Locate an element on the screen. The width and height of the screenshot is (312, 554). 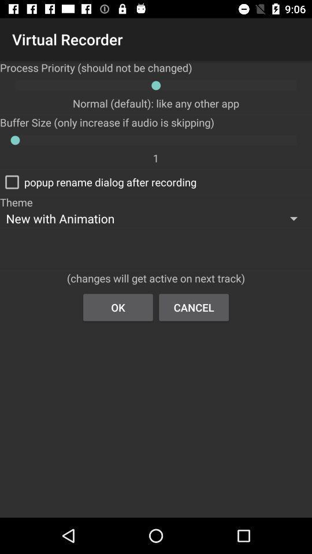
cancel icon is located at coordinates (194, 306).